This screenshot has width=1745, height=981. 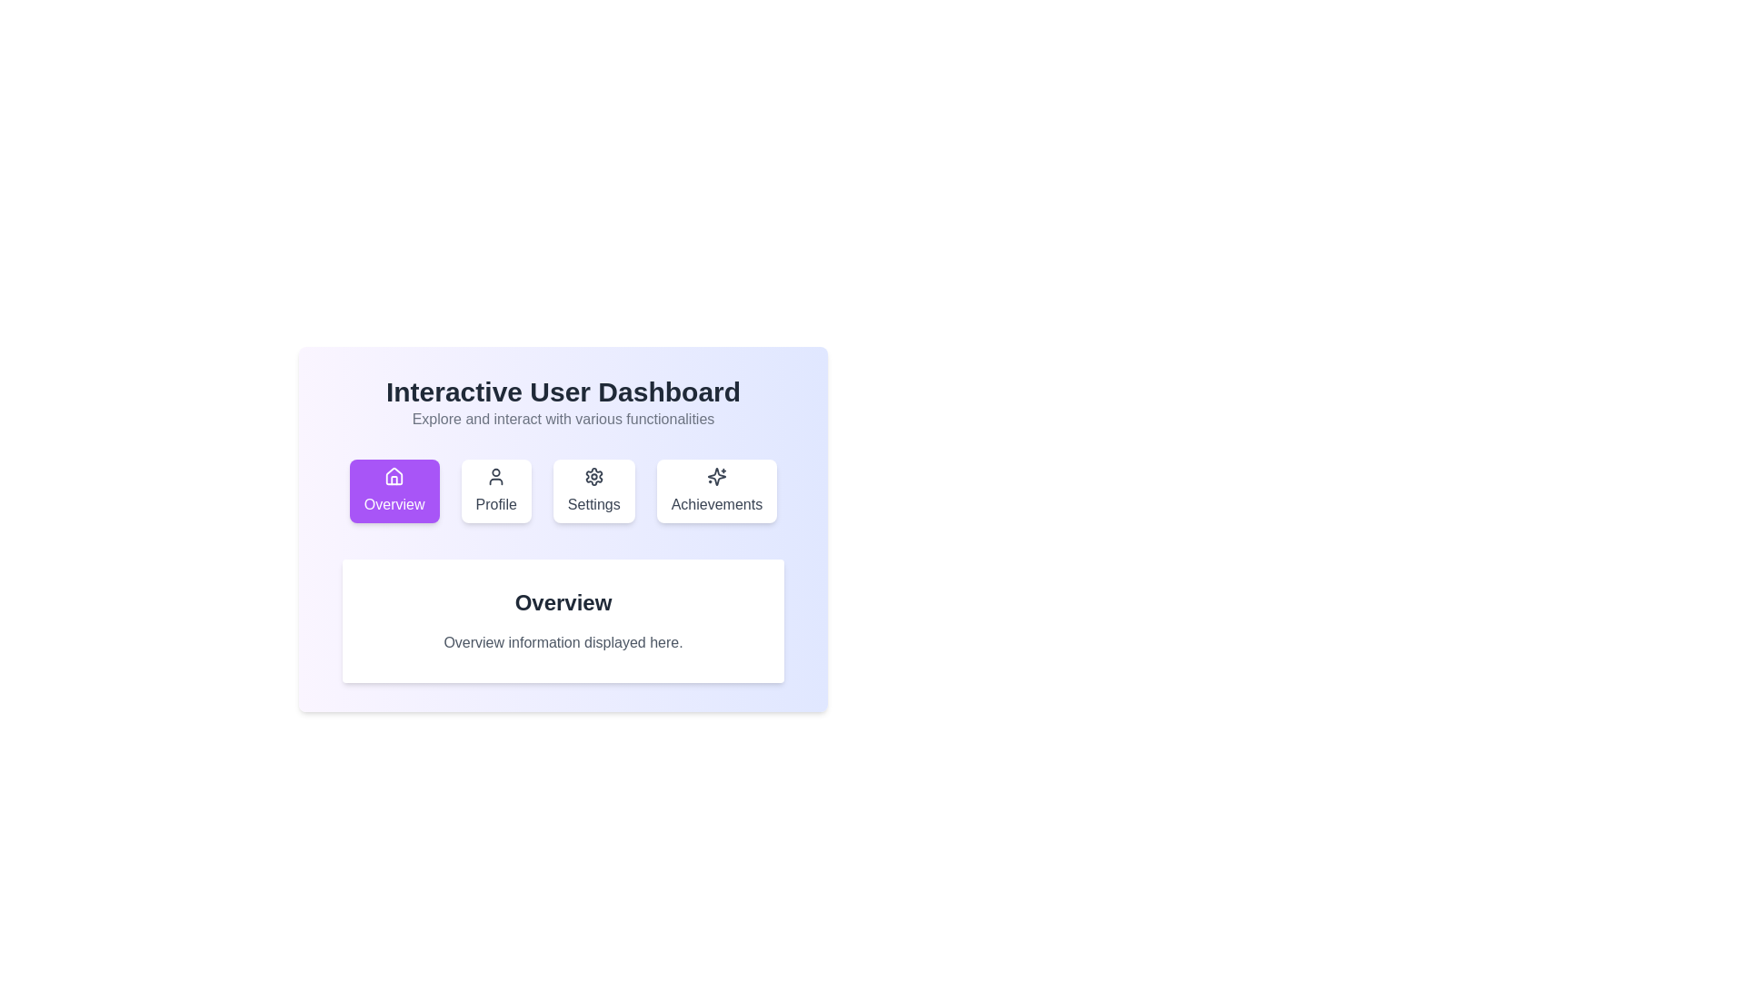 I want to click on the non-interactive descriptive section containing the title 'Overview' and the description 'Overview information displayed here.', so click(x=562, y=619).